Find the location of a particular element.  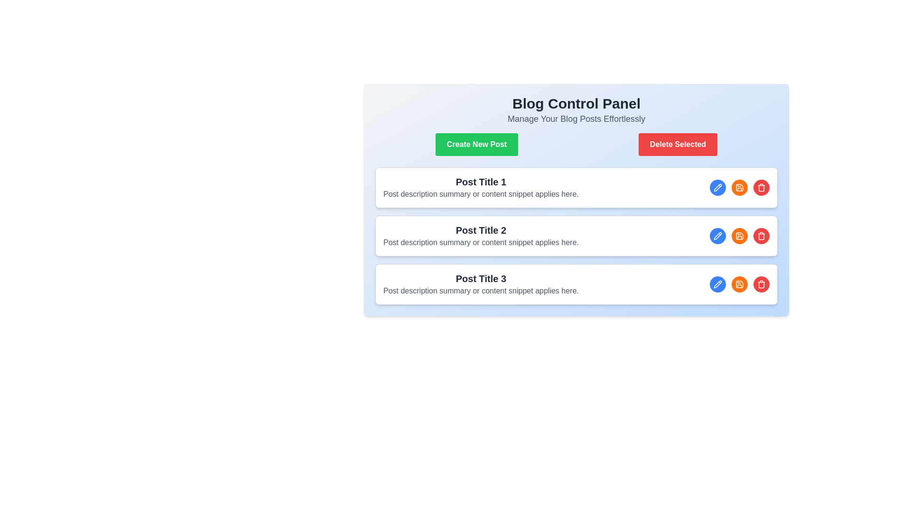

the circular orange save button with a white save icon, which is the second button from the left in the row of buttons associated with 'Post Title 2' is located at coordinates (739, 235).